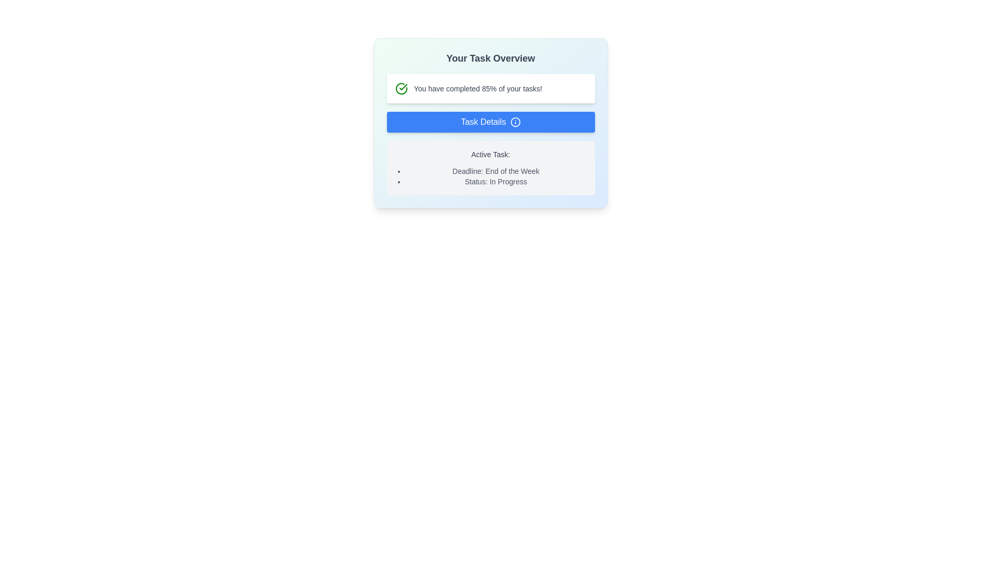  I want to click on the text element that indicates the completion percentage of tasks, which is located within a white panel with rounded corners and a green check icon on its left, so click(477, 88).